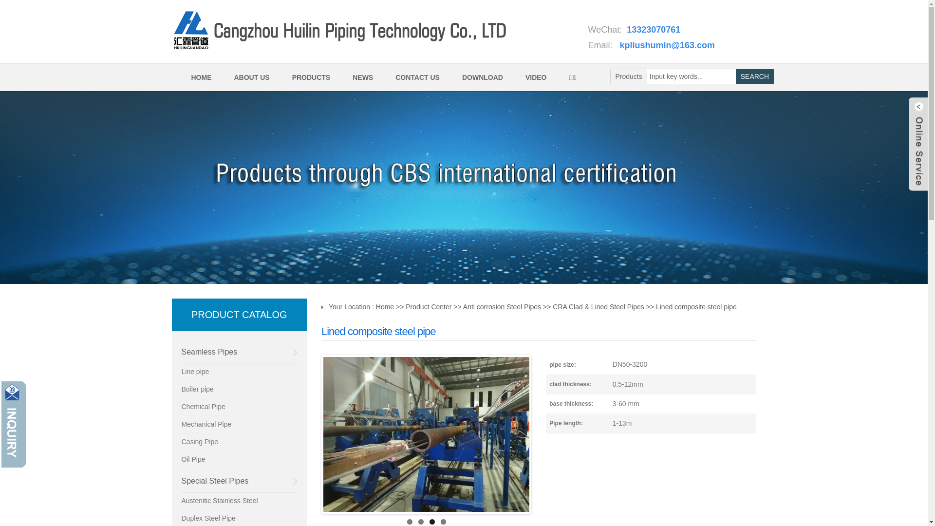  Describe the element at coordinates (598, 306) in the screenshot. I see `'CRA Clad & Lined Steel Pipes'` at that location.